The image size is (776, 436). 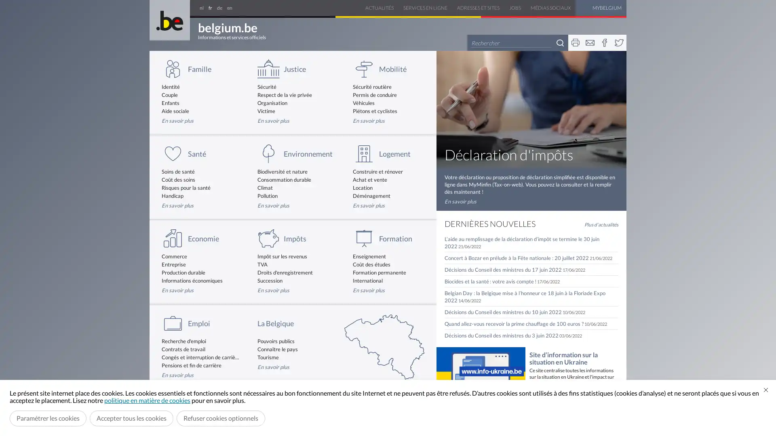 What do you see at coordinates (131, 418) in the screenshot?
I see `Accepter tous les cookies` at bounding box center [131, 418].